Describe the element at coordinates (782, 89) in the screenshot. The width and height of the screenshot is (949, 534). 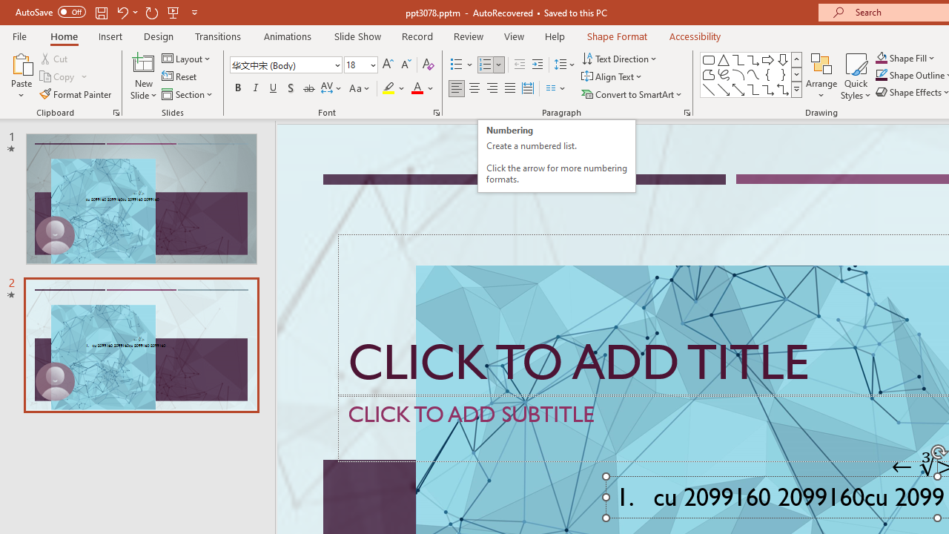
I see `'Connector: Elbow Double-Arrow'` at that location.